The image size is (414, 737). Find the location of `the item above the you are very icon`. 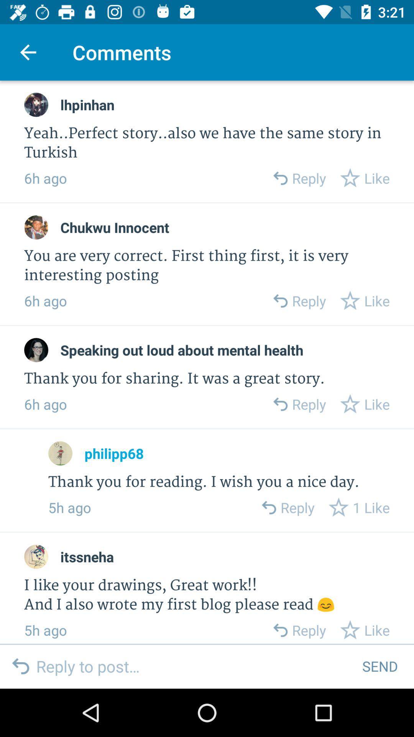

the item above the you are very icon is located at coordinates (115, 227).